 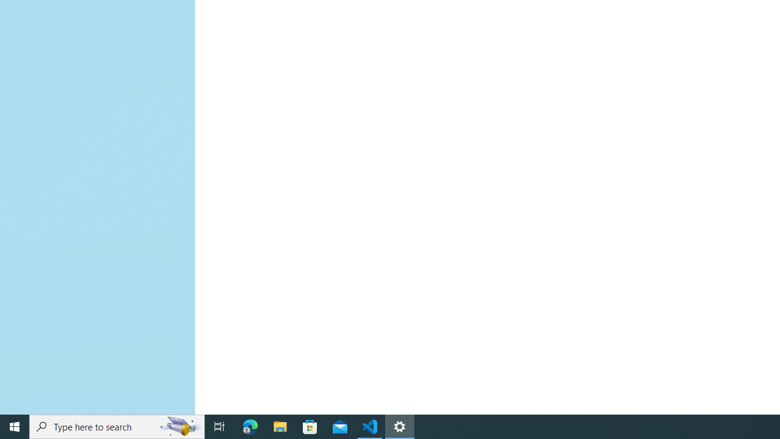 I want to click on 'Microsoft Store', so click(x=310, y=426).